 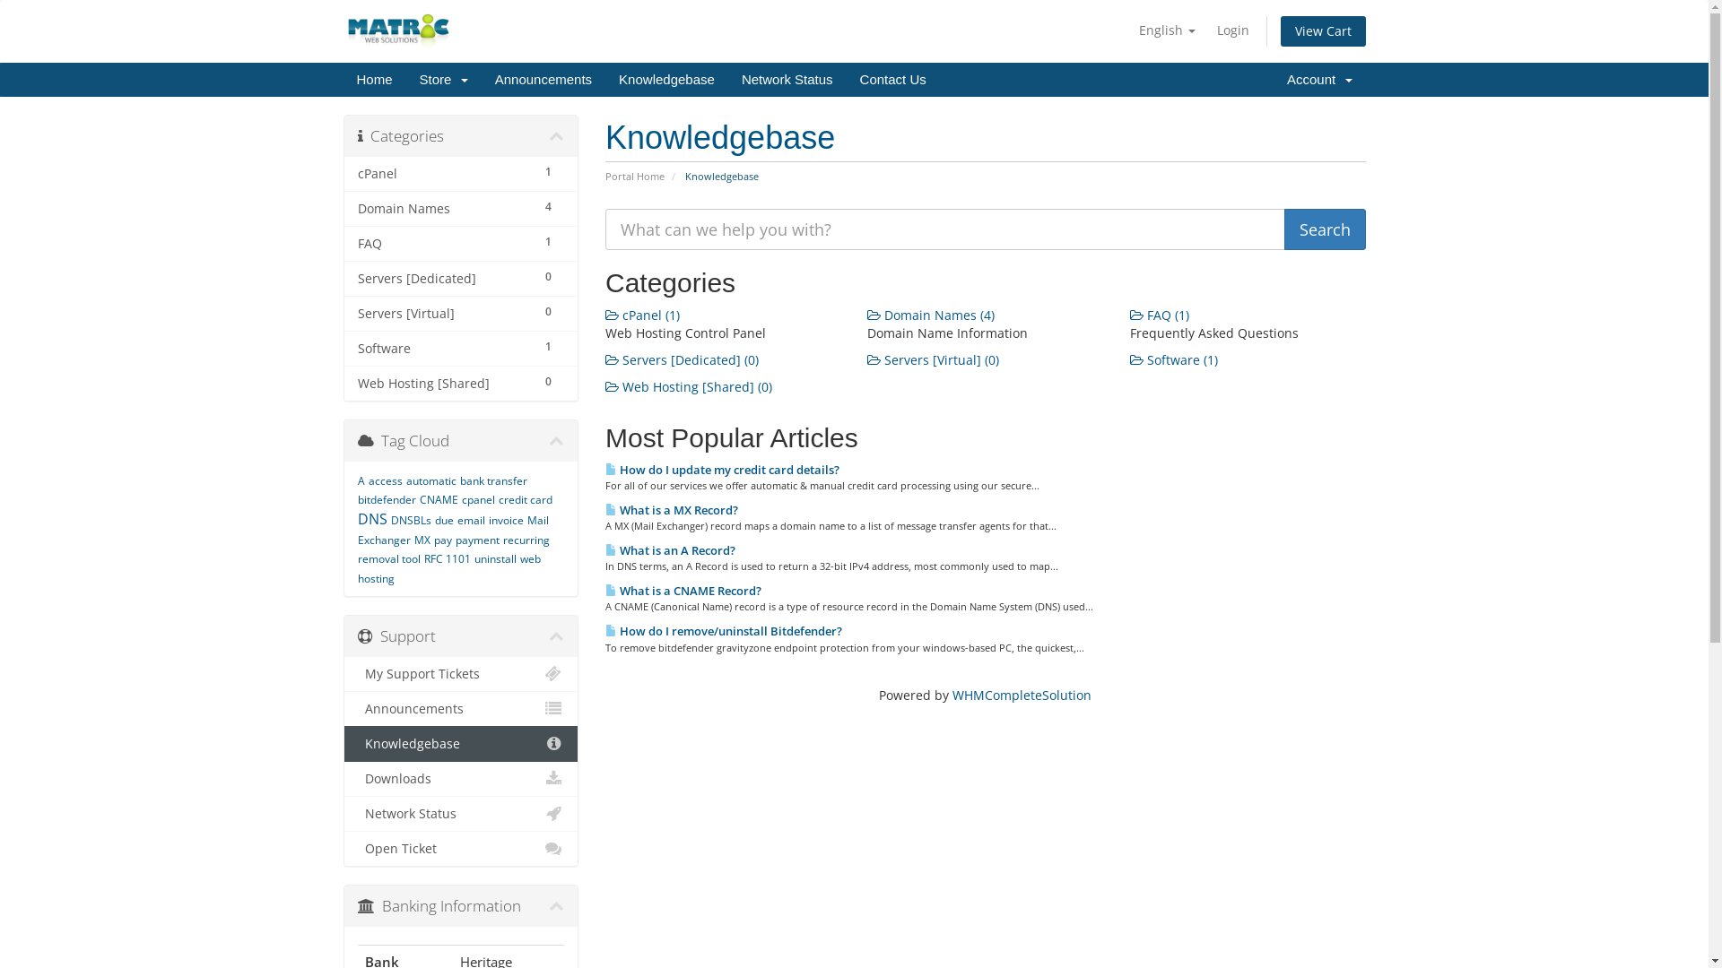 I want to click on 'Login', so click(x=1231, y=30).